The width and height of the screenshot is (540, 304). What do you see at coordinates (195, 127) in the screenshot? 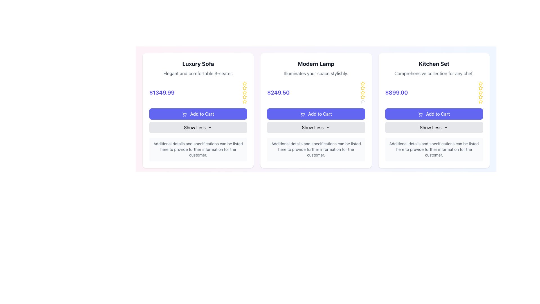
I see `the 'Show Less' text label located in the rectangular button next to the upward-pointing chevron icon, which is beneath the 'Luxury Sofa' card` at bounding box center [195, 127].